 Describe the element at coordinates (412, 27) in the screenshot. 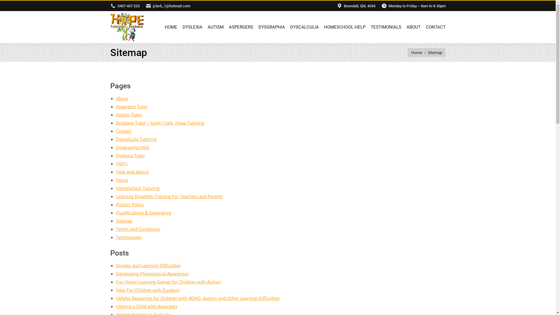

I see `'ABOUT'` at that location.